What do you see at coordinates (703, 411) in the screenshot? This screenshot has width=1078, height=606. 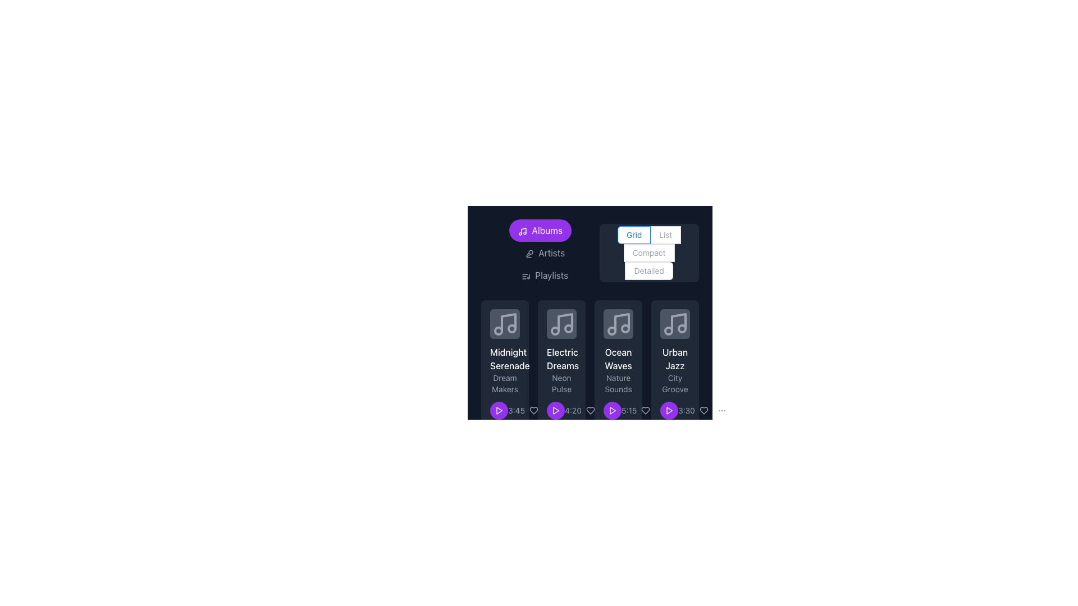 I see `the heart icon button located below the 'Urban Jazz' music item` at bounding box center [703, 411].